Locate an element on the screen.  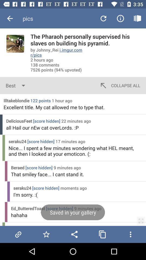
full screen is located at coordinates (141, 221).